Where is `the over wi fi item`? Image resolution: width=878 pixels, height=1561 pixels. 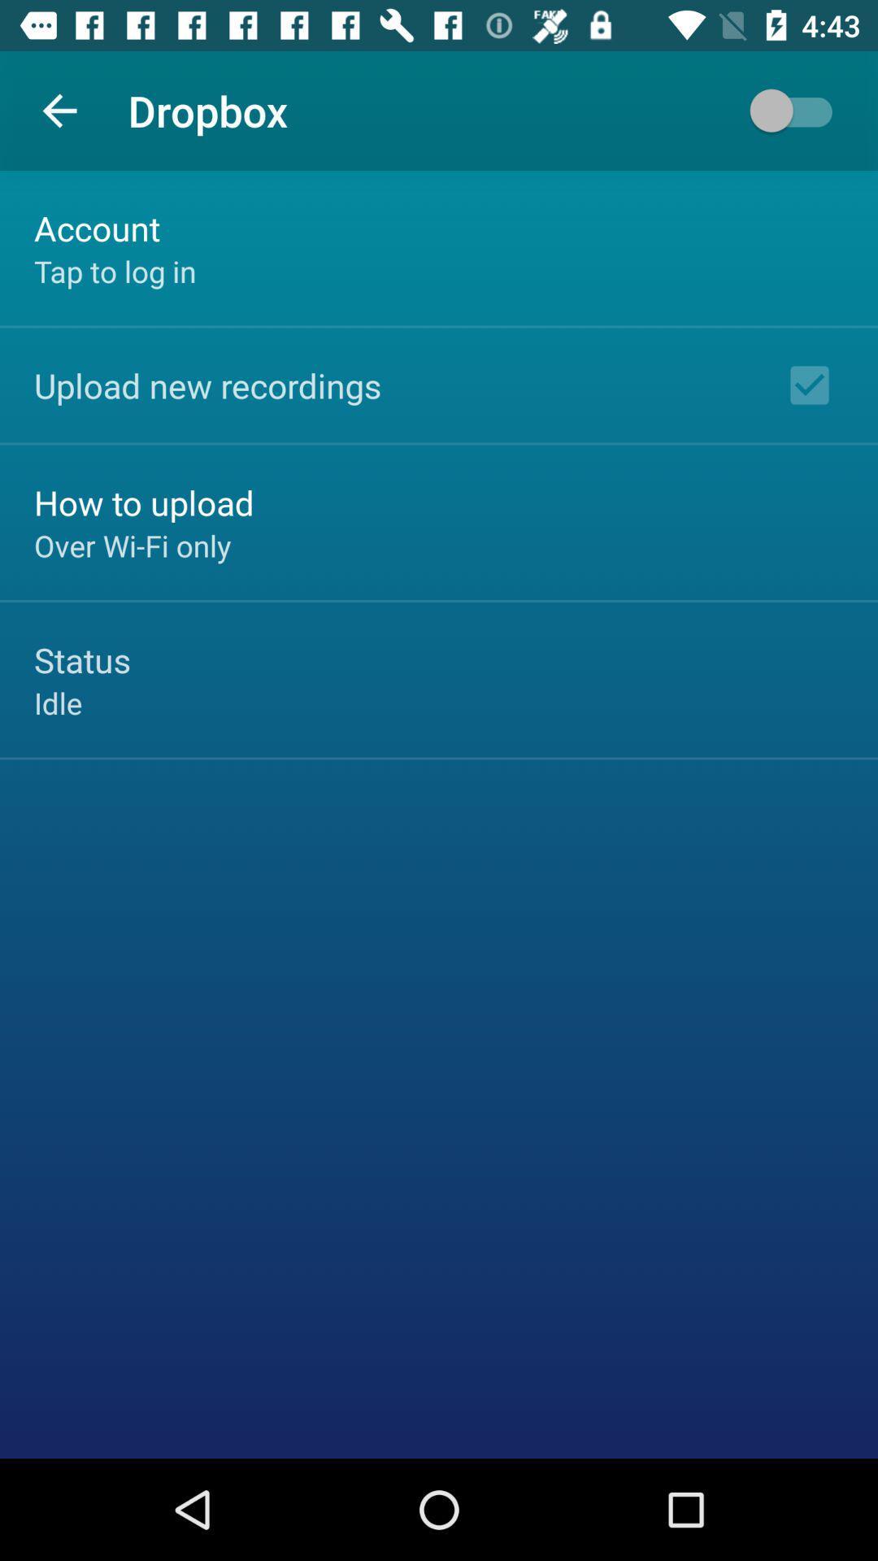
the over wi fi item is located at coordinates (132, 546).